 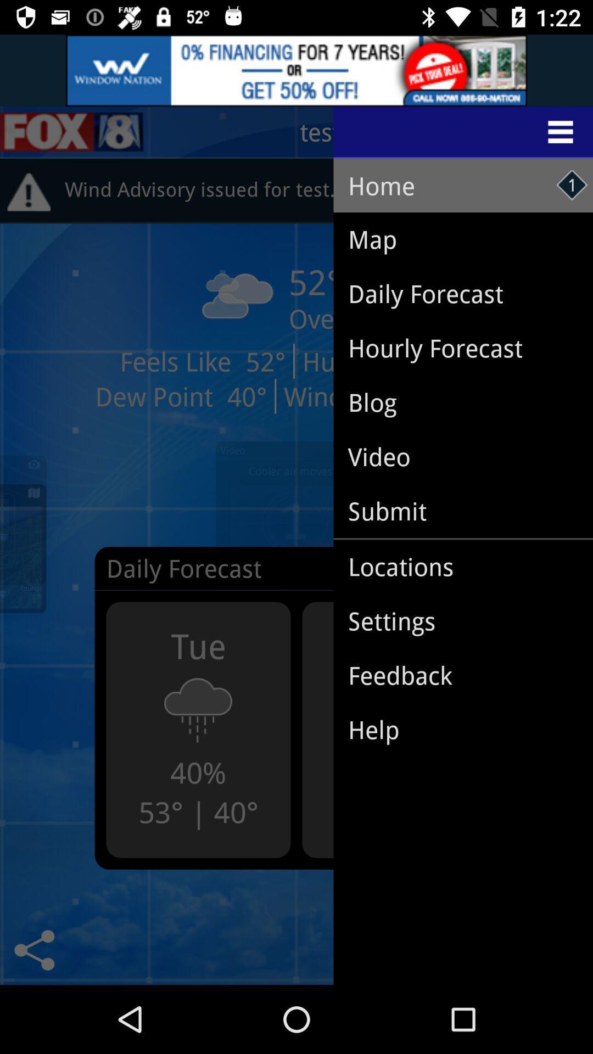 What do you see at coordinates (33, 950) in the screenshot?
I see `the share icon` at bounding box center [33, 950].